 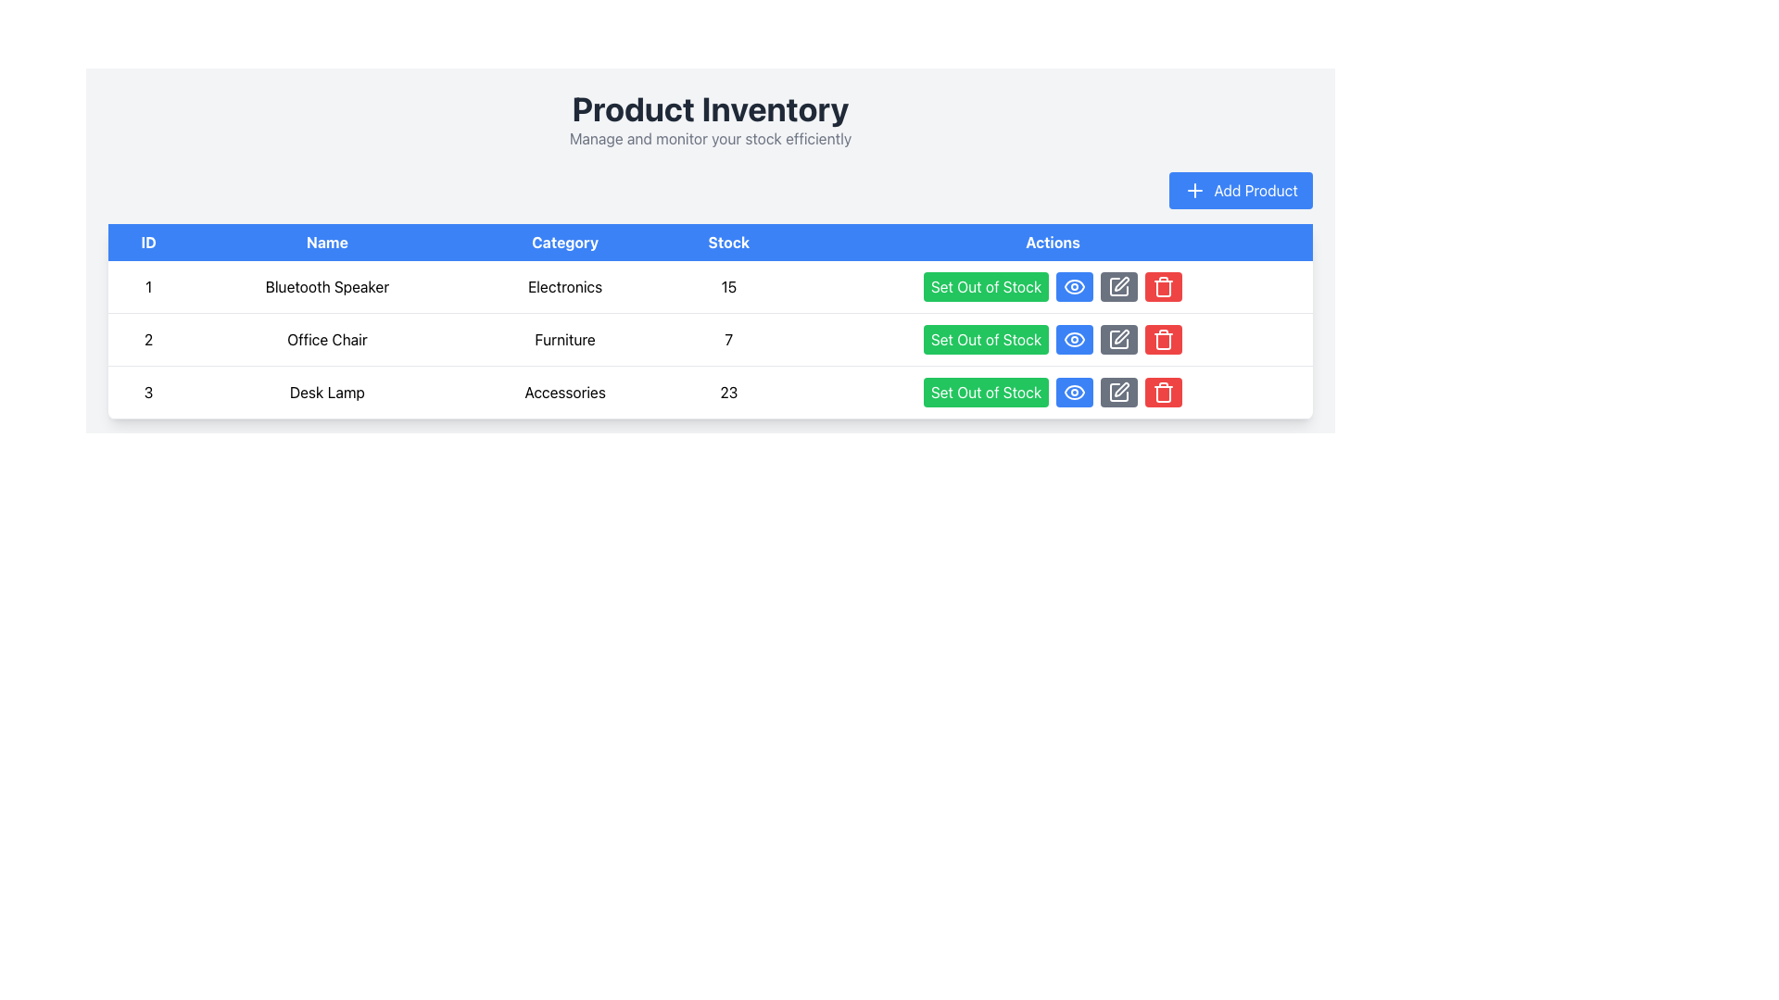 I want to click on the Table Header Cell that labels the column for categories, positioned as the third cell from the left between the 'Name' and 'Stock' headers, so click(x=564, y=242).